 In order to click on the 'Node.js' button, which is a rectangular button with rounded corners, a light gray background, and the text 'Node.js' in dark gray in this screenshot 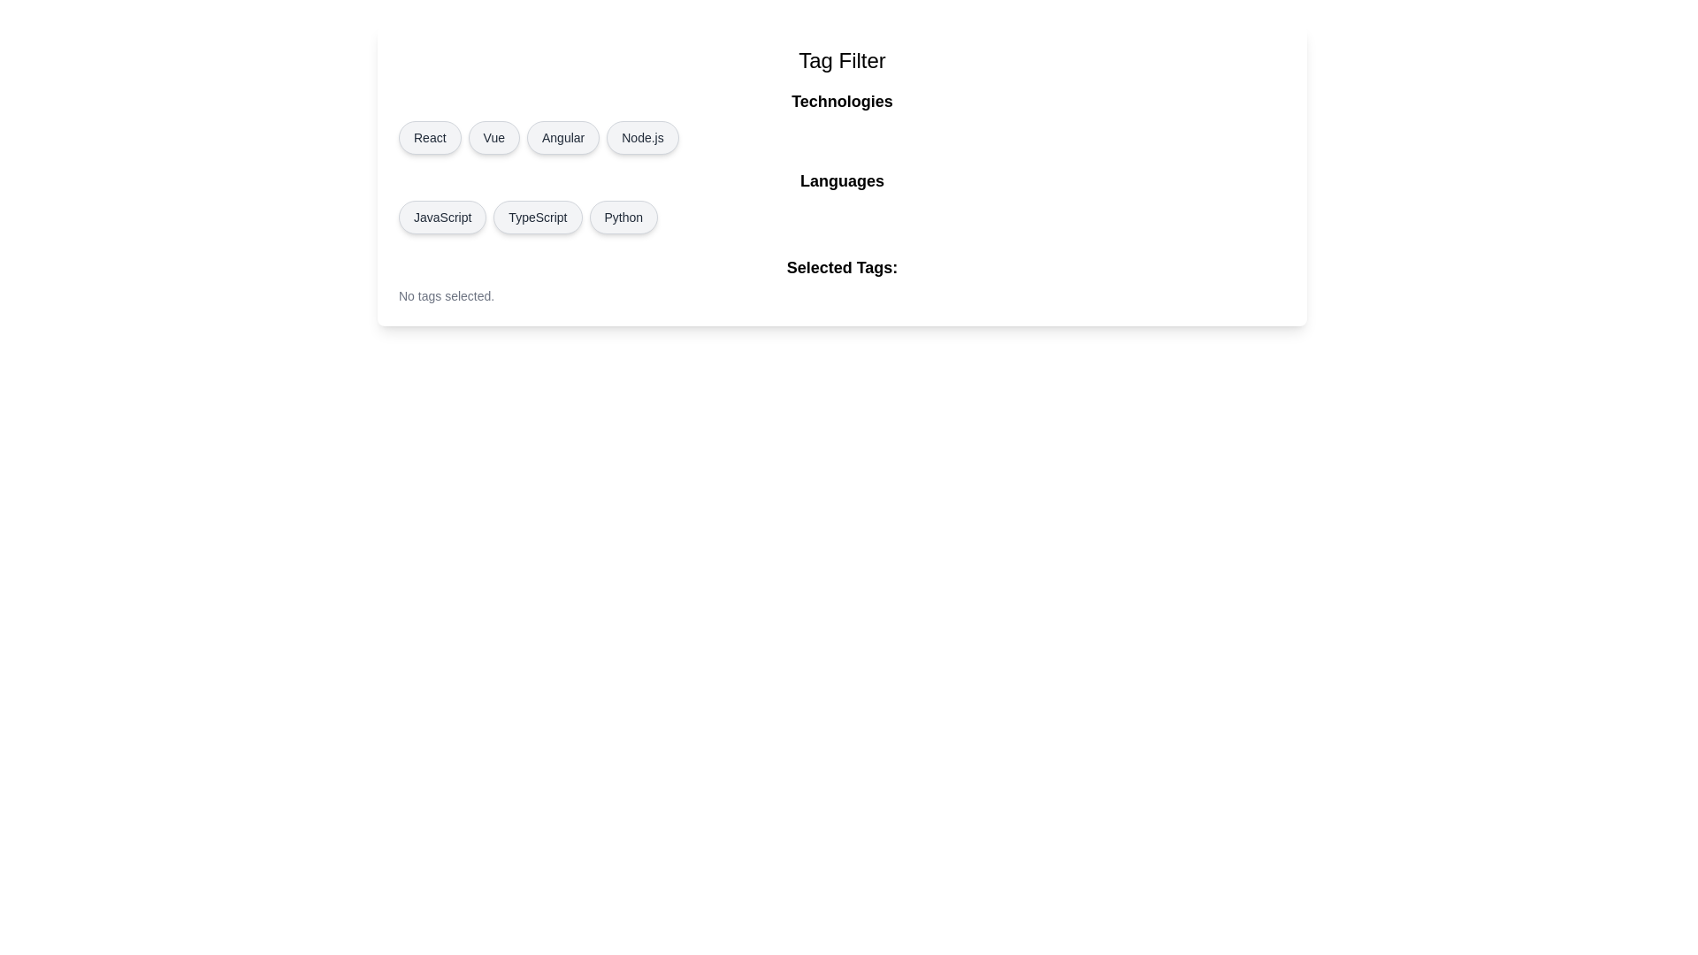, I will do `click(641, 136)`.